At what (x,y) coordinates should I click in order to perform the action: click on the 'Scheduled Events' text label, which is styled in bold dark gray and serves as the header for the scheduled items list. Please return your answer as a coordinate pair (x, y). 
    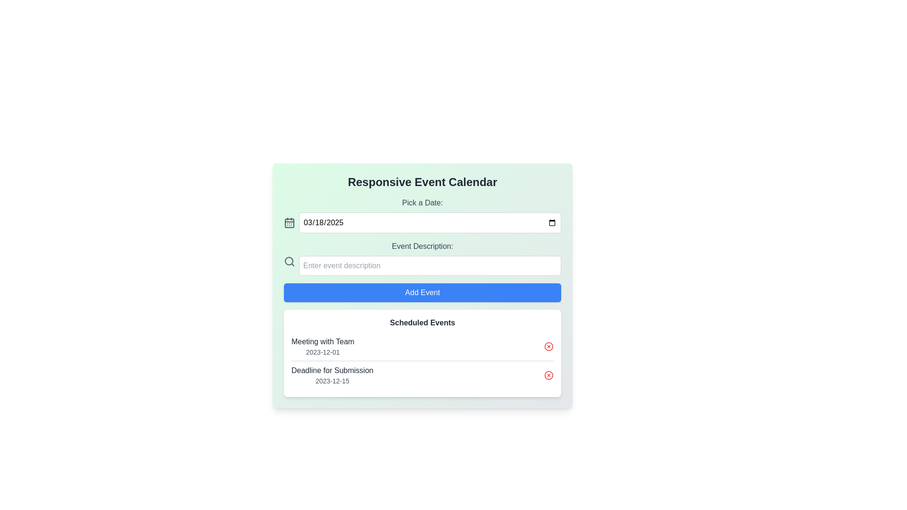
    Looking at the image, I should click on (422, 322).